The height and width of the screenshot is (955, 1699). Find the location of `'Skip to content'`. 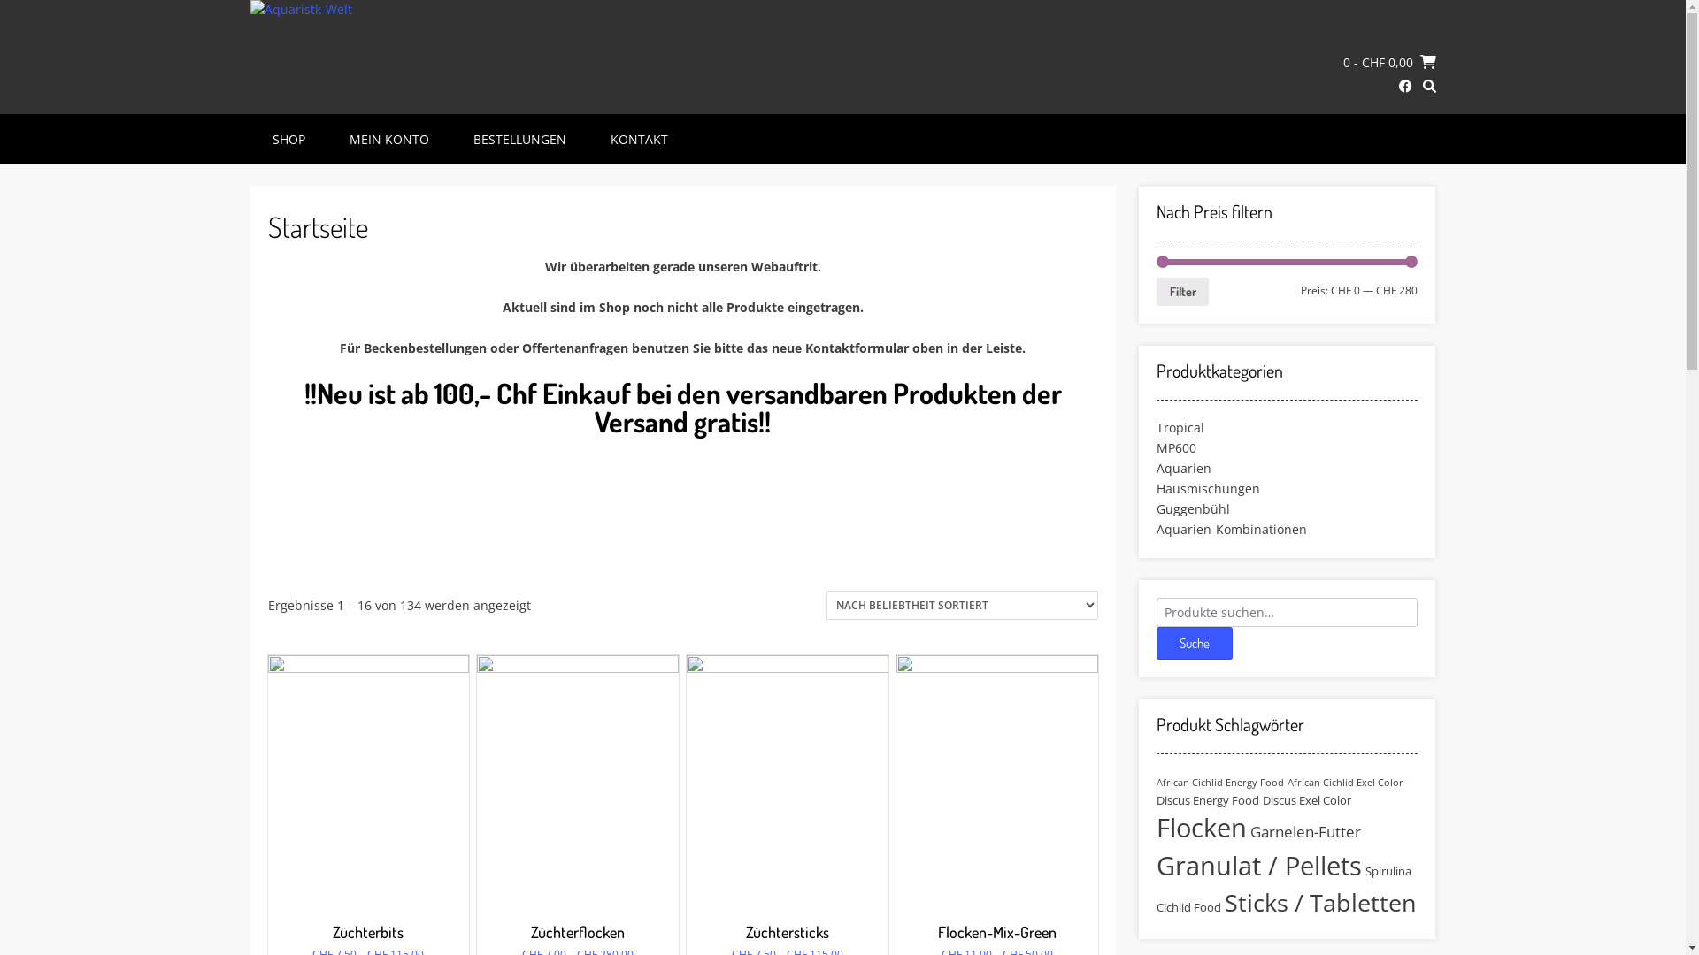

'Skip to content' is located at coordinates (0, 0).